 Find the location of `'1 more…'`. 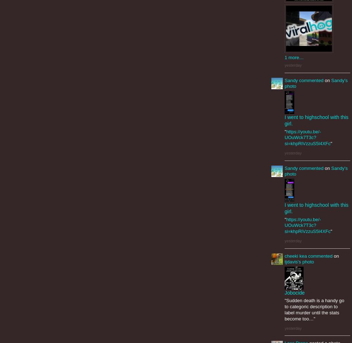

'1 more…' is located at coordinates (294, 57).